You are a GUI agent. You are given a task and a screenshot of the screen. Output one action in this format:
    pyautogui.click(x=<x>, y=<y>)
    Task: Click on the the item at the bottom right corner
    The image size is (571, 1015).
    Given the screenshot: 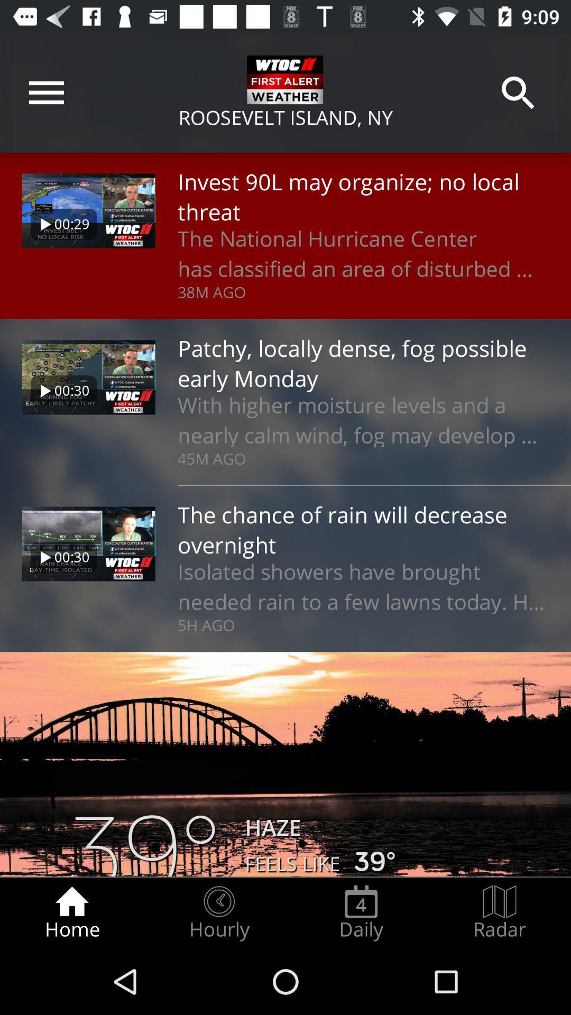 What is the action you would take?
    pyautogui.click(x=500, y=912)
    